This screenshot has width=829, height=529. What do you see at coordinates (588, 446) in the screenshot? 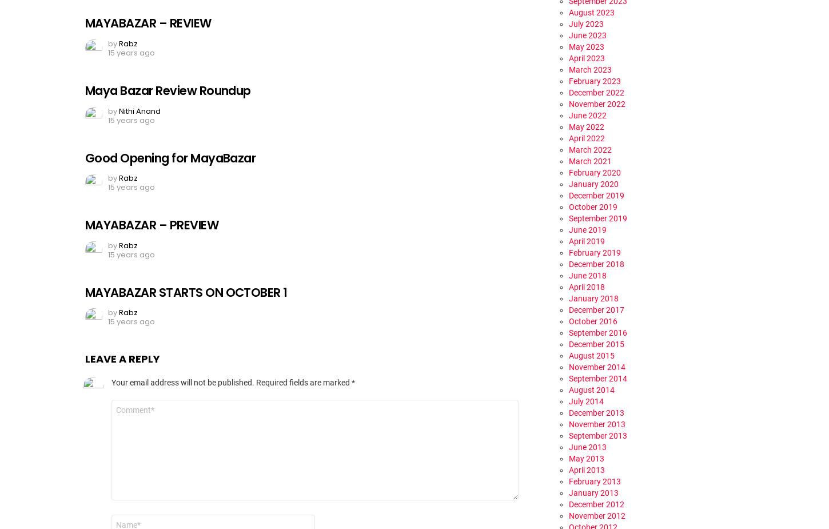
I see `'June 2013'` at bounding box center [588, 446].